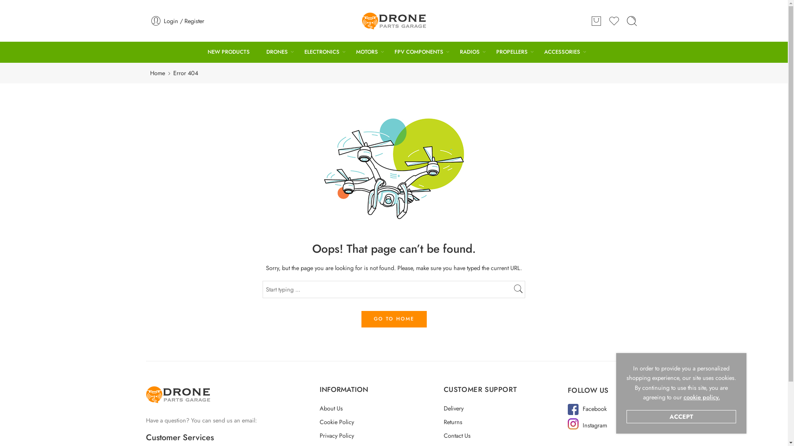  Describe the element at coordinates (582, 408) in the screenshot. I see `'Facebook'` at that location.